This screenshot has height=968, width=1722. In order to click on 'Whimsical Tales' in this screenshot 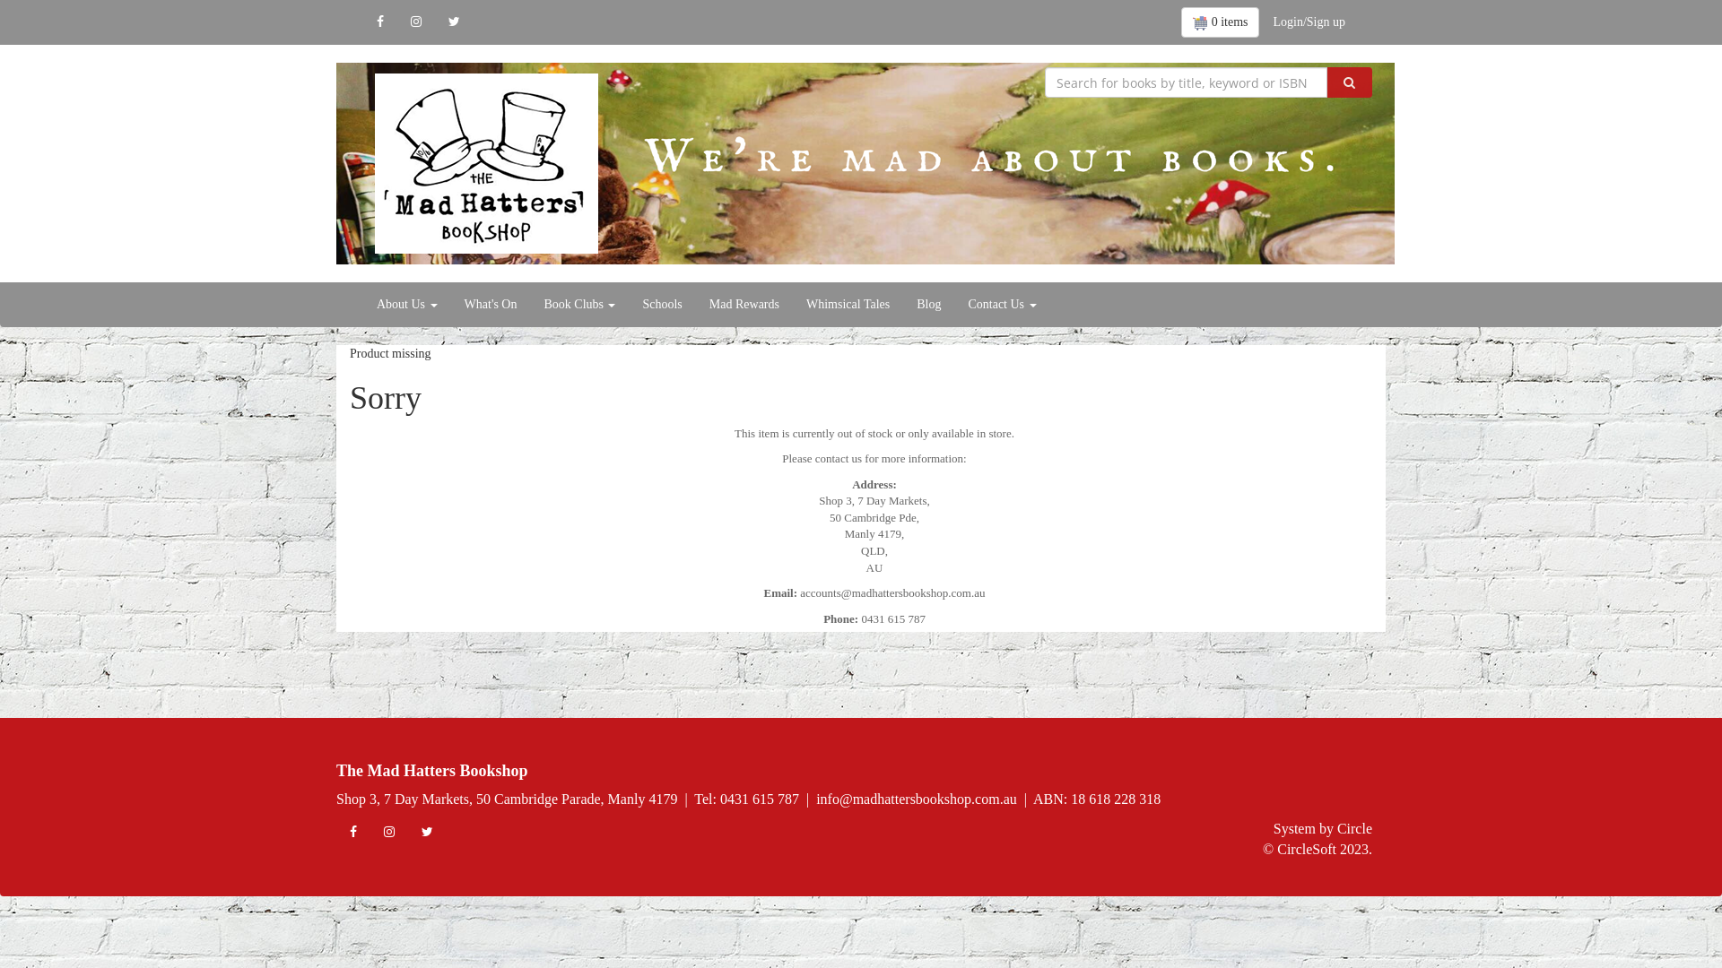, I will do `click(847, 303)`.